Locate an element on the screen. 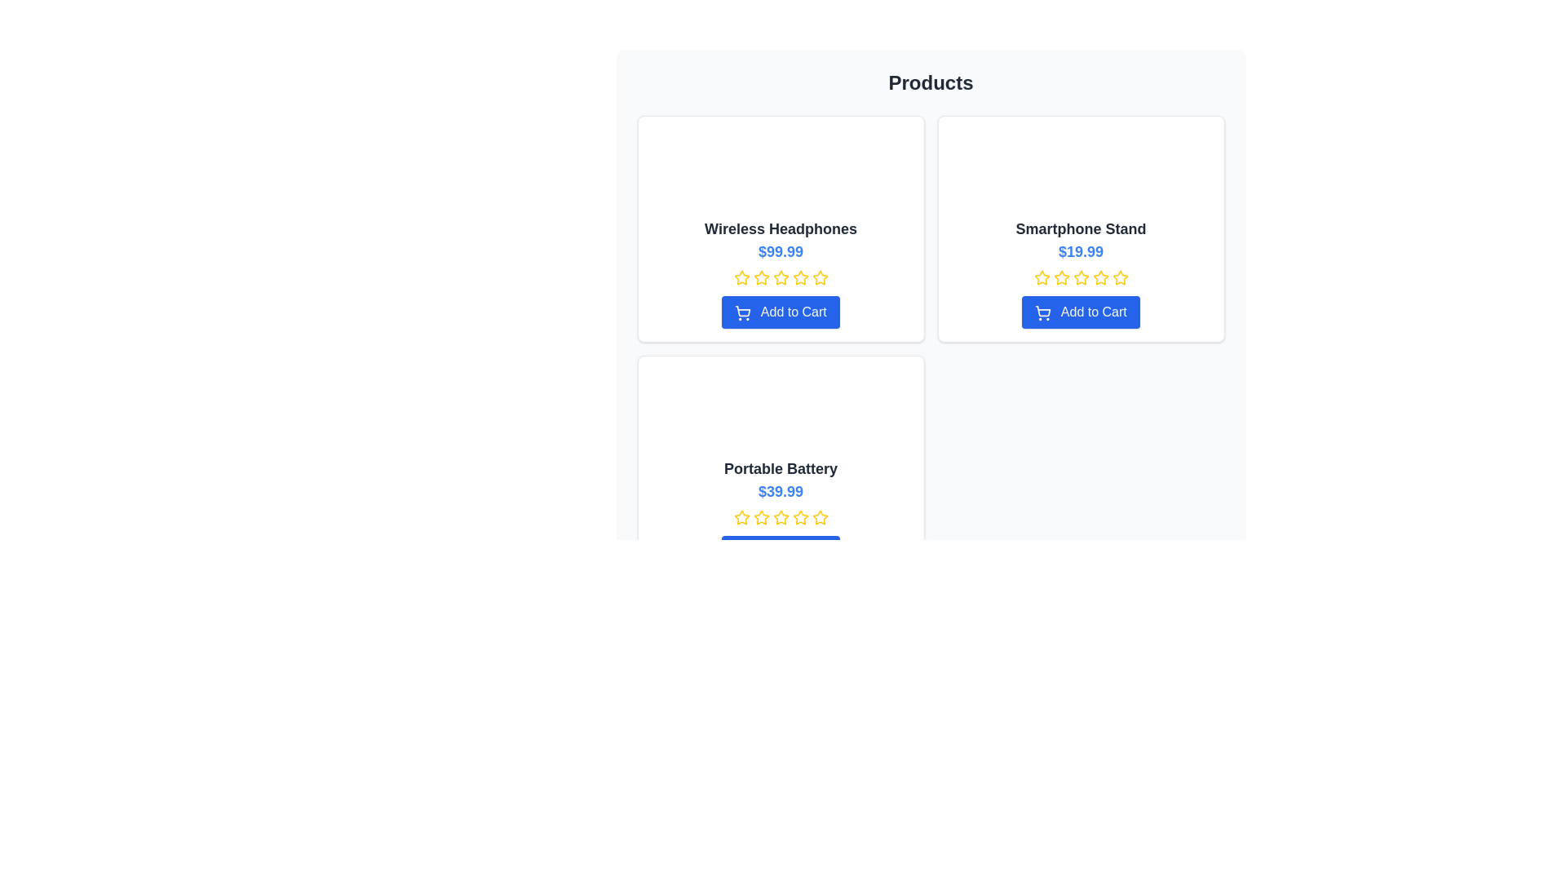 This screenshot has width=1566, height=881. the fourth yellow star icon in the 5-star rating system located below the 'Wireless Headphones' section is located at coordinates (800, 277).